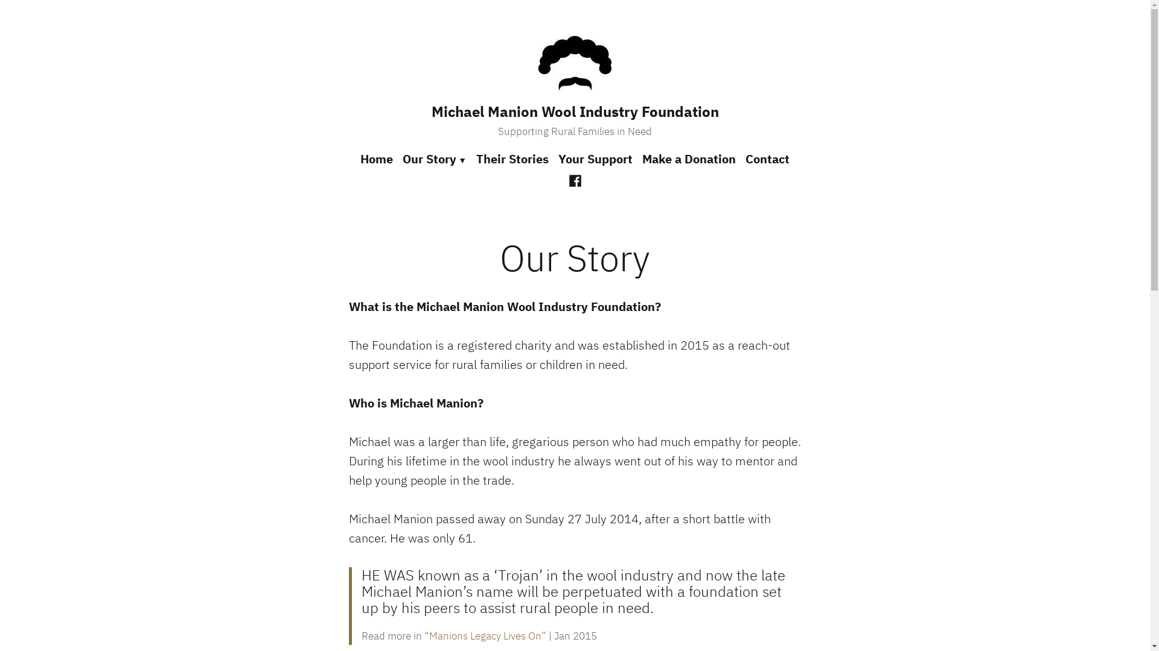  I want to click on 'Facebook', so click(575, 179).